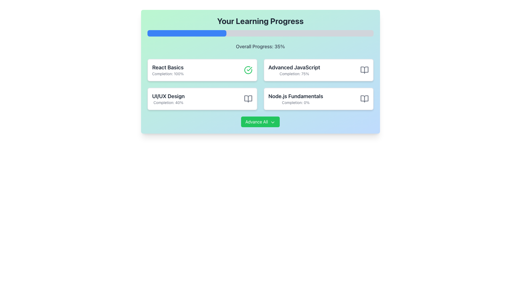 This screenshot has width=512, height=288. Describe the element at coordinates (295, 96) in the screenshot. I see `the 'Node.js Fundamentals' title label located in the bottom-right card of the grid layout, which indicates the topic of the learning module` at that location.